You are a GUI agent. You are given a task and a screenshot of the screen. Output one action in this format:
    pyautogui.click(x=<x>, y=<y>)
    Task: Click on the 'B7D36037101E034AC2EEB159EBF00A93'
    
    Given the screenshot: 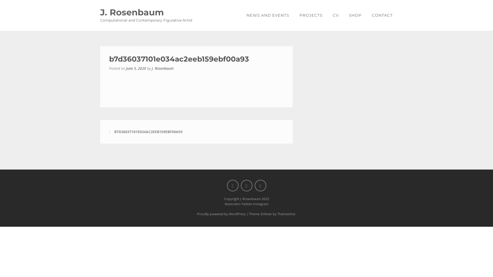 What is the action you would take?
    pyautogui.click(x=148, y=131)
    